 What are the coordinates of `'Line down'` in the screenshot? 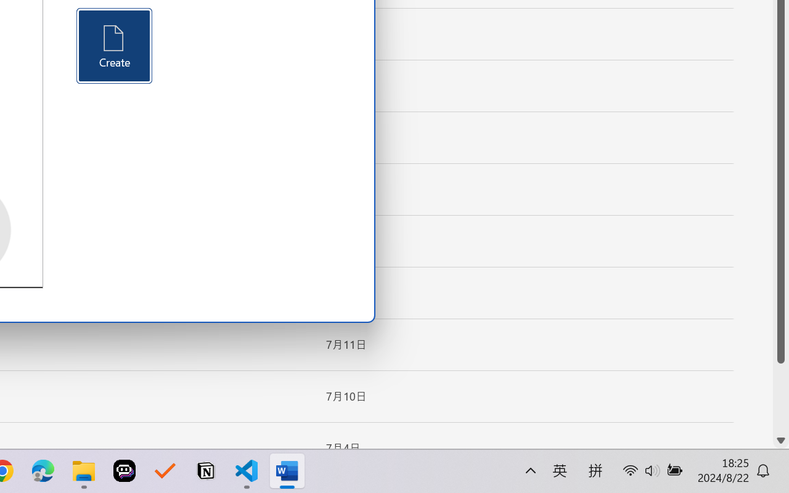 It's located at (780, 440).